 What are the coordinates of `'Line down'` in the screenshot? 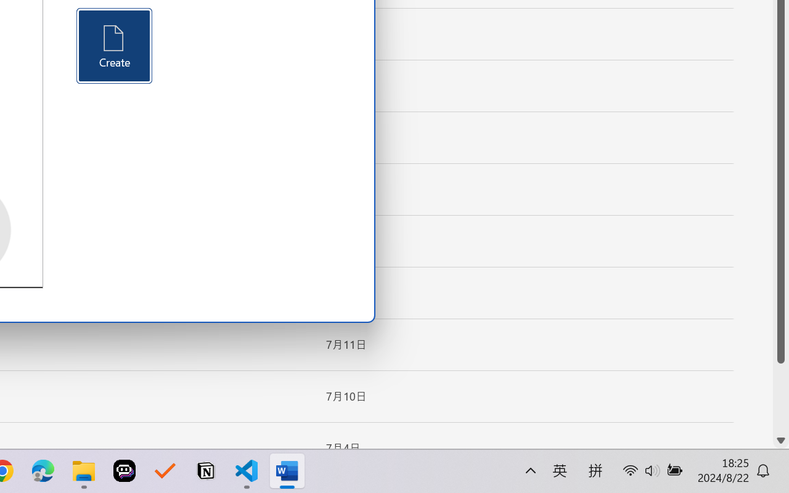 It's located at (780, 440).